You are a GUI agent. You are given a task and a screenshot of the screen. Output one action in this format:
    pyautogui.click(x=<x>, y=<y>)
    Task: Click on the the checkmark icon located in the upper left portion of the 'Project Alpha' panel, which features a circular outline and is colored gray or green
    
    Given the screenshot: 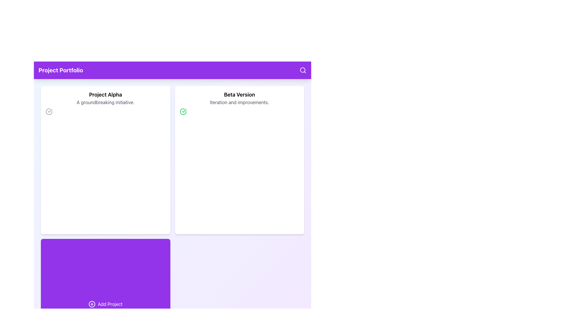 What is the action you would take?
    pyautogui.click(x=50, y=111)
    